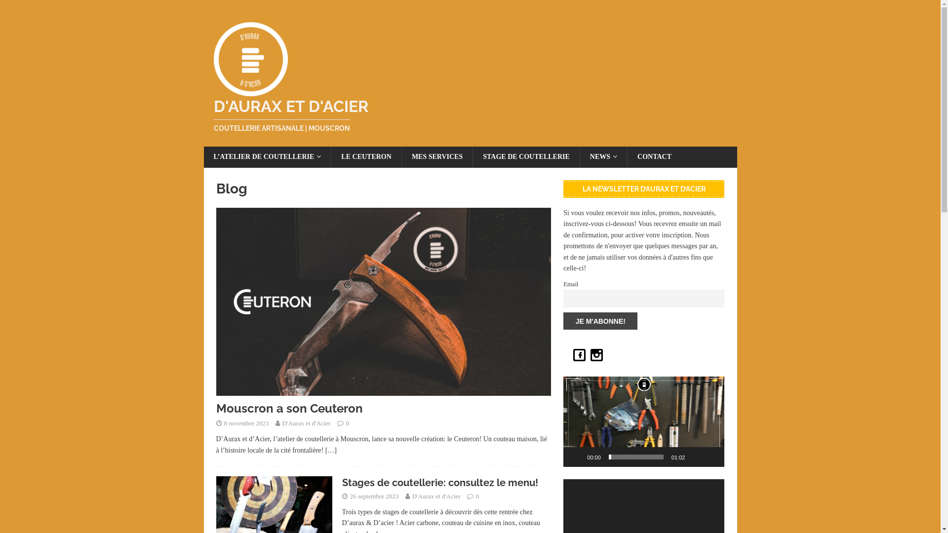 Image resolution: width=948 pixels, height=533 pixels. Describe the element at coordinates (436, 156) in the screenshot. I see `'MES SERVICES'` at that location.